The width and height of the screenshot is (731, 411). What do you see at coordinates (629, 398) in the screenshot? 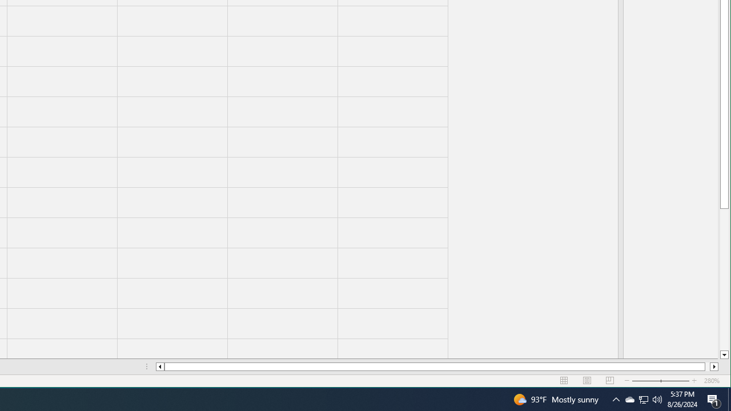
I see `'Notification Chevron'` at bounding box center [629, 398].